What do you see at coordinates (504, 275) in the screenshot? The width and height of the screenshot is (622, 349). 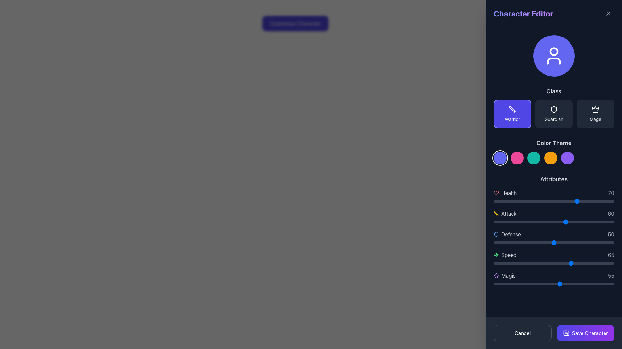 I see `the 'Magic' label with a purple outlined star icon, which is the last item in the attributes list of the 'Character Editor' interface` at bounding box center [504, 275].